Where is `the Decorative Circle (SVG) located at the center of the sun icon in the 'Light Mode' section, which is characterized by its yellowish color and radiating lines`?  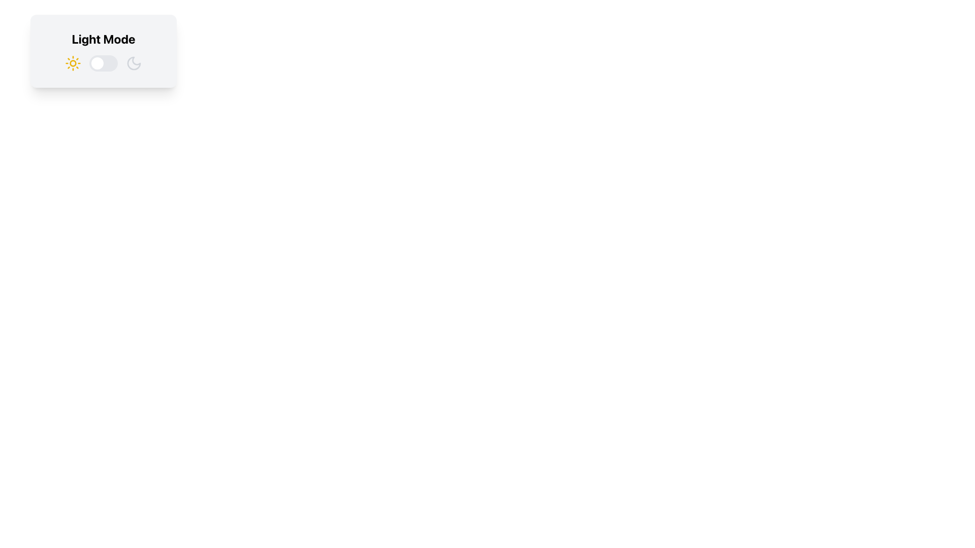
the Decorative Circle (SVG) located at the center of the sun icon in the 'Light Mode' section, which is characterized by its yellowish color and radiating lines is located at coordinates (73, 62).